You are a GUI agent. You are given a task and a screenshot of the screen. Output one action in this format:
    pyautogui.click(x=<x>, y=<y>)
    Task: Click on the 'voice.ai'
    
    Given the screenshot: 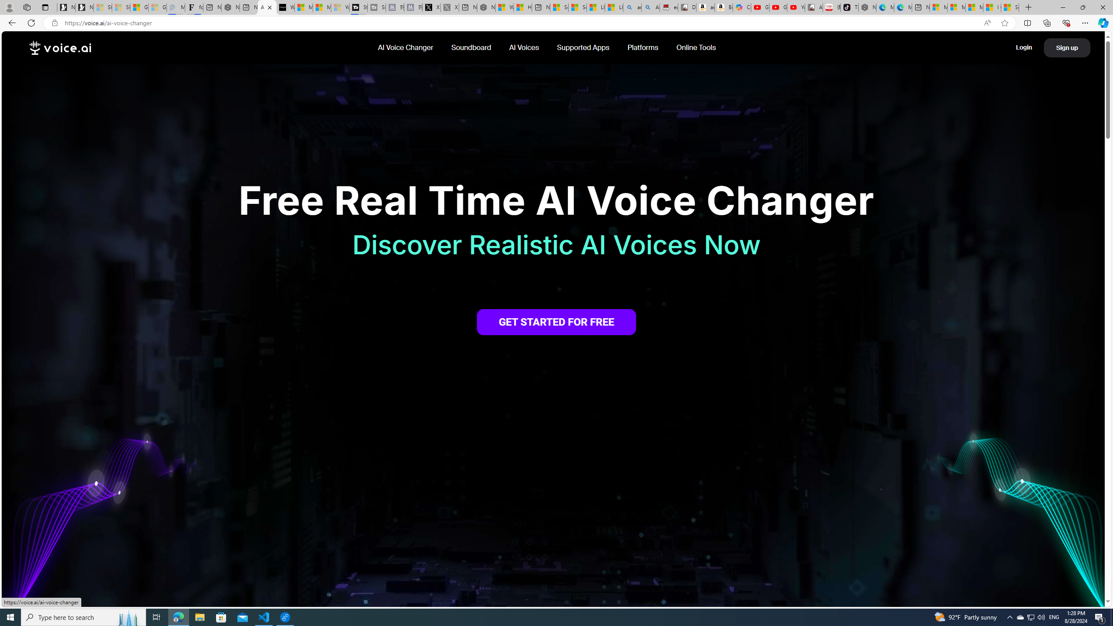 What is the action you would take?
    pyautogui.click(x=60, y=48)
    